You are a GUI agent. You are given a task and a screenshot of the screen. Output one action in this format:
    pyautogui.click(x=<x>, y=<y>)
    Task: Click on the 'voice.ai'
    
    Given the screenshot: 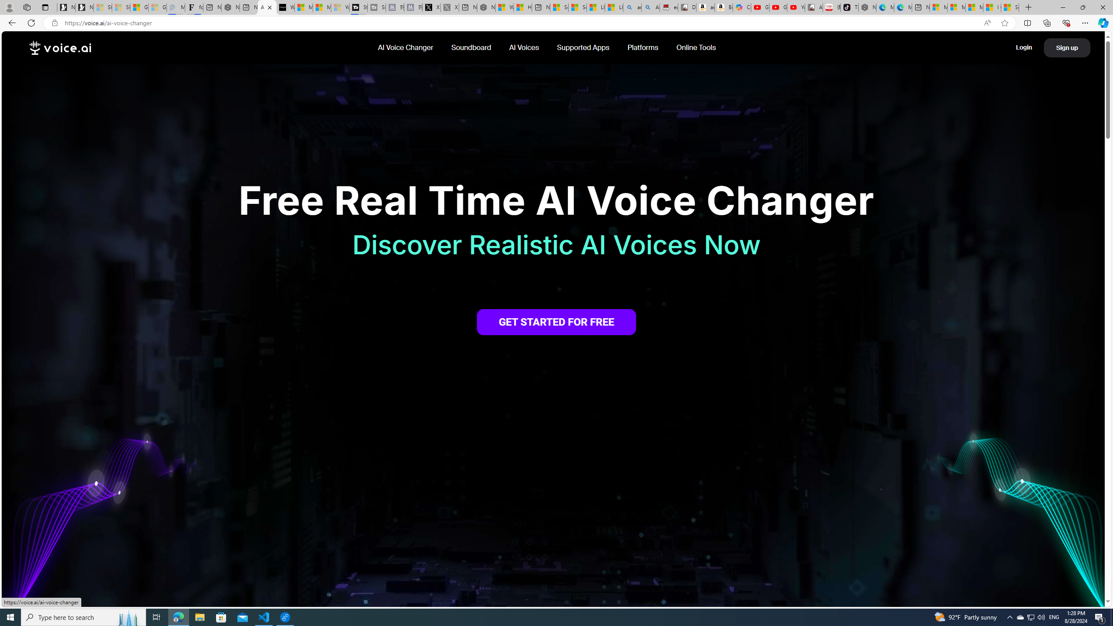 What is the action you would take?
    pyautogui.click(x=60, y=48)
    